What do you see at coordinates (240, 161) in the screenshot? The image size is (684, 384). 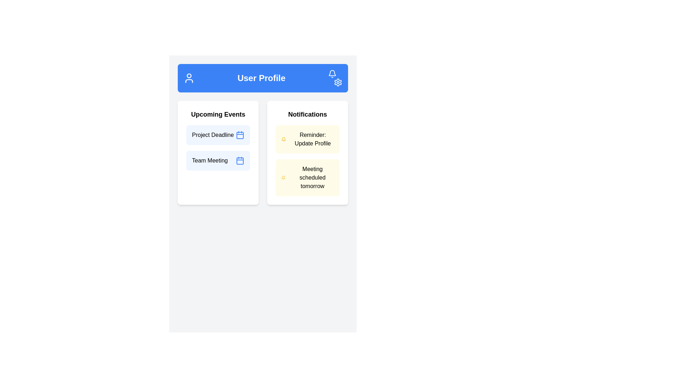 I see `the calendar icon located in the bottom-right part of the page, next to the 'Team Meeting' label under 'Upcoming Events'` at bounding box center [240, 161].